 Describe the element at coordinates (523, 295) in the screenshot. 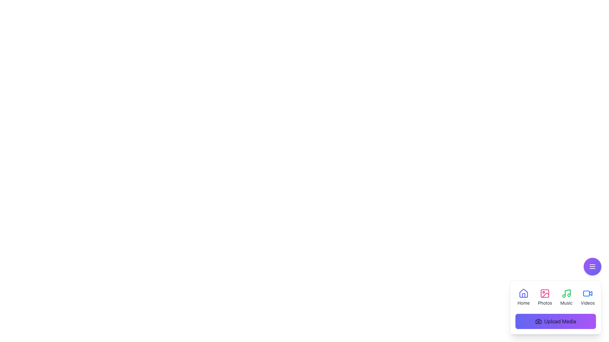

I see `the door element of the house icon, which is represented by a vertical rectangle styled with a thin indigo stroke, located at the bottom-right corner of the interface` at that location.